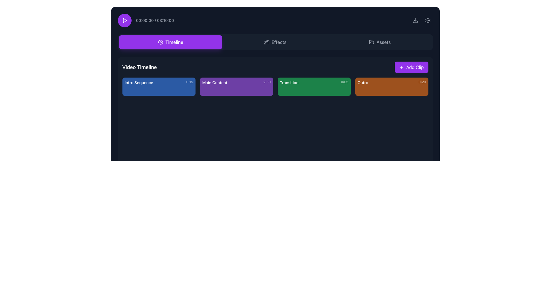  What do you see at coordinates (174, 42) in the screenshot?
I see `the 'Timeline' text element within the purple button that features a clock icon on its left, located at the top center of the interface` at bounding box center [174, 42].